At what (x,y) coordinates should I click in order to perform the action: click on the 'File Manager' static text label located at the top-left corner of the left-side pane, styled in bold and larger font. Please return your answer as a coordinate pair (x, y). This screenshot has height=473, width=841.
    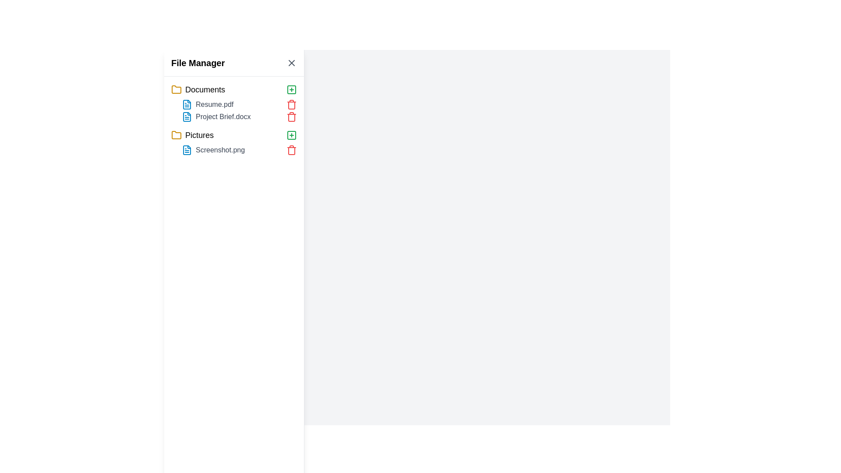
    Looking at the image, I should click on (198, 62).